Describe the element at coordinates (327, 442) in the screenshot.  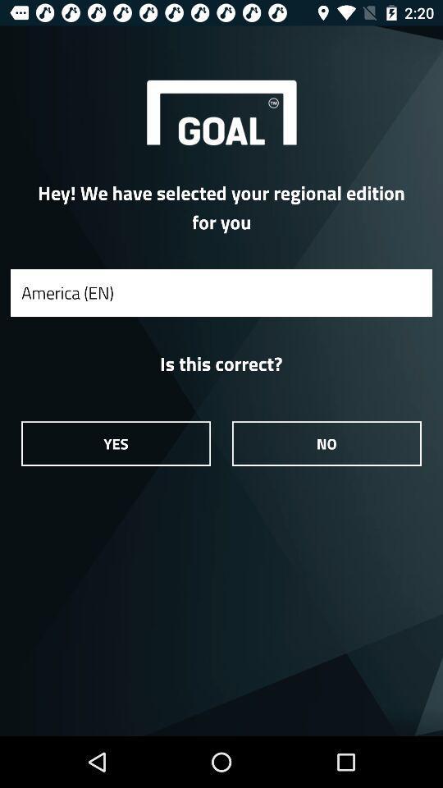
I see `no icon` at that location.